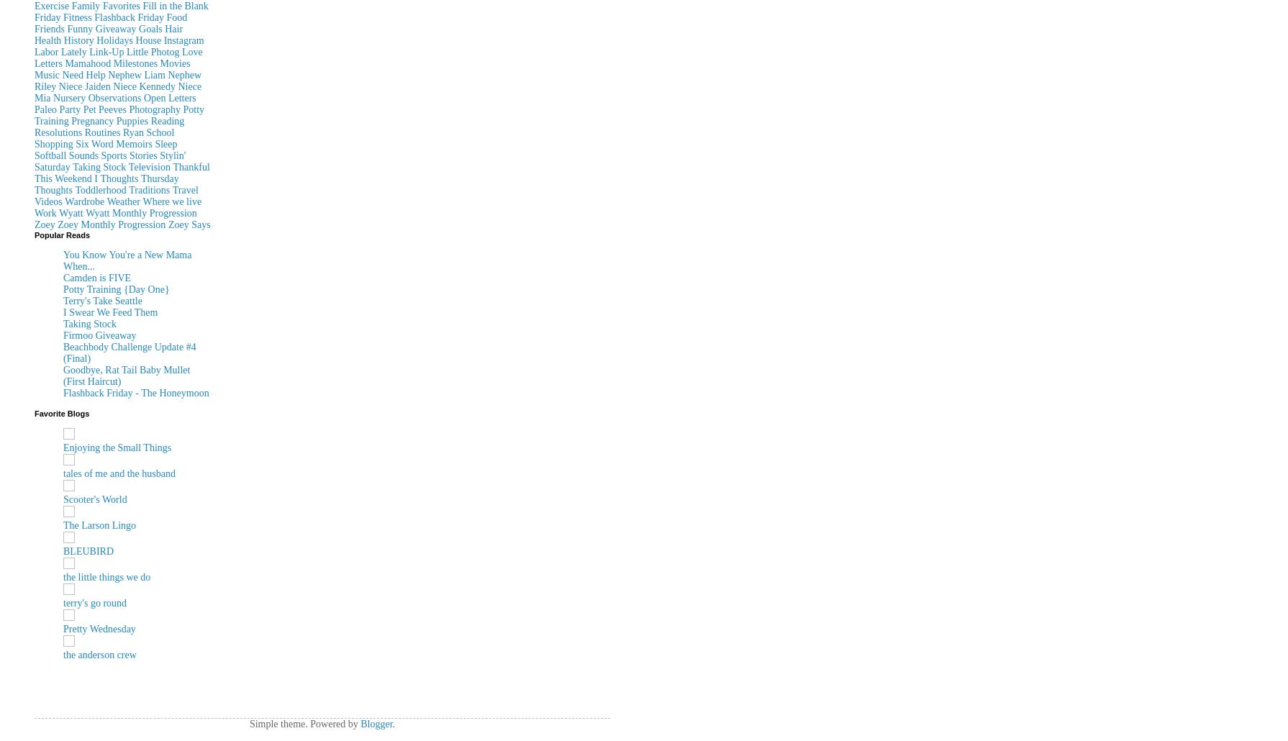 Image resolution: width=1288 pixels, height=741 pixels. Describe the element at coordinates (117, 80) in the screenshot. I see `'Nephew Riley'` at that location.